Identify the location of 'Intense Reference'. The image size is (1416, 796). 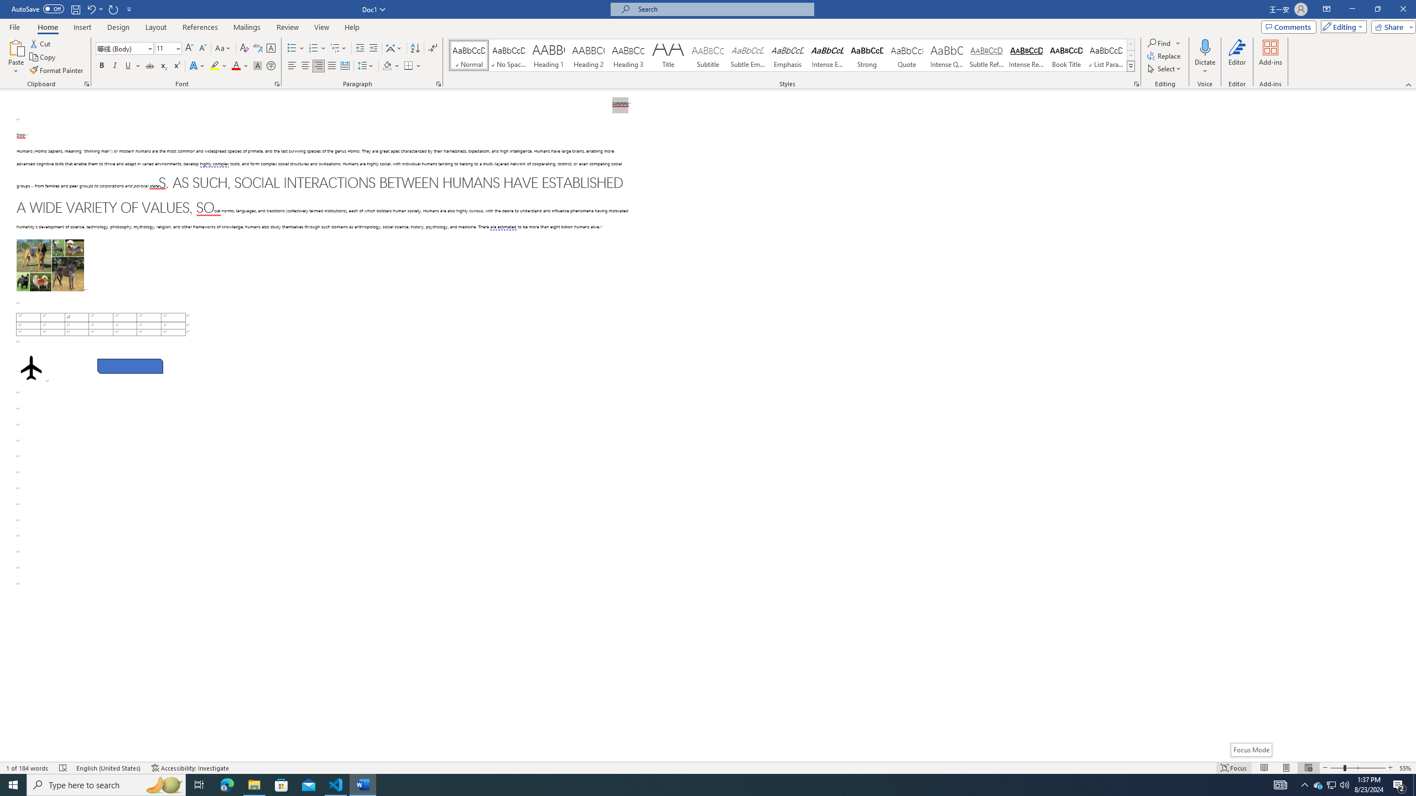
(1026, 55).